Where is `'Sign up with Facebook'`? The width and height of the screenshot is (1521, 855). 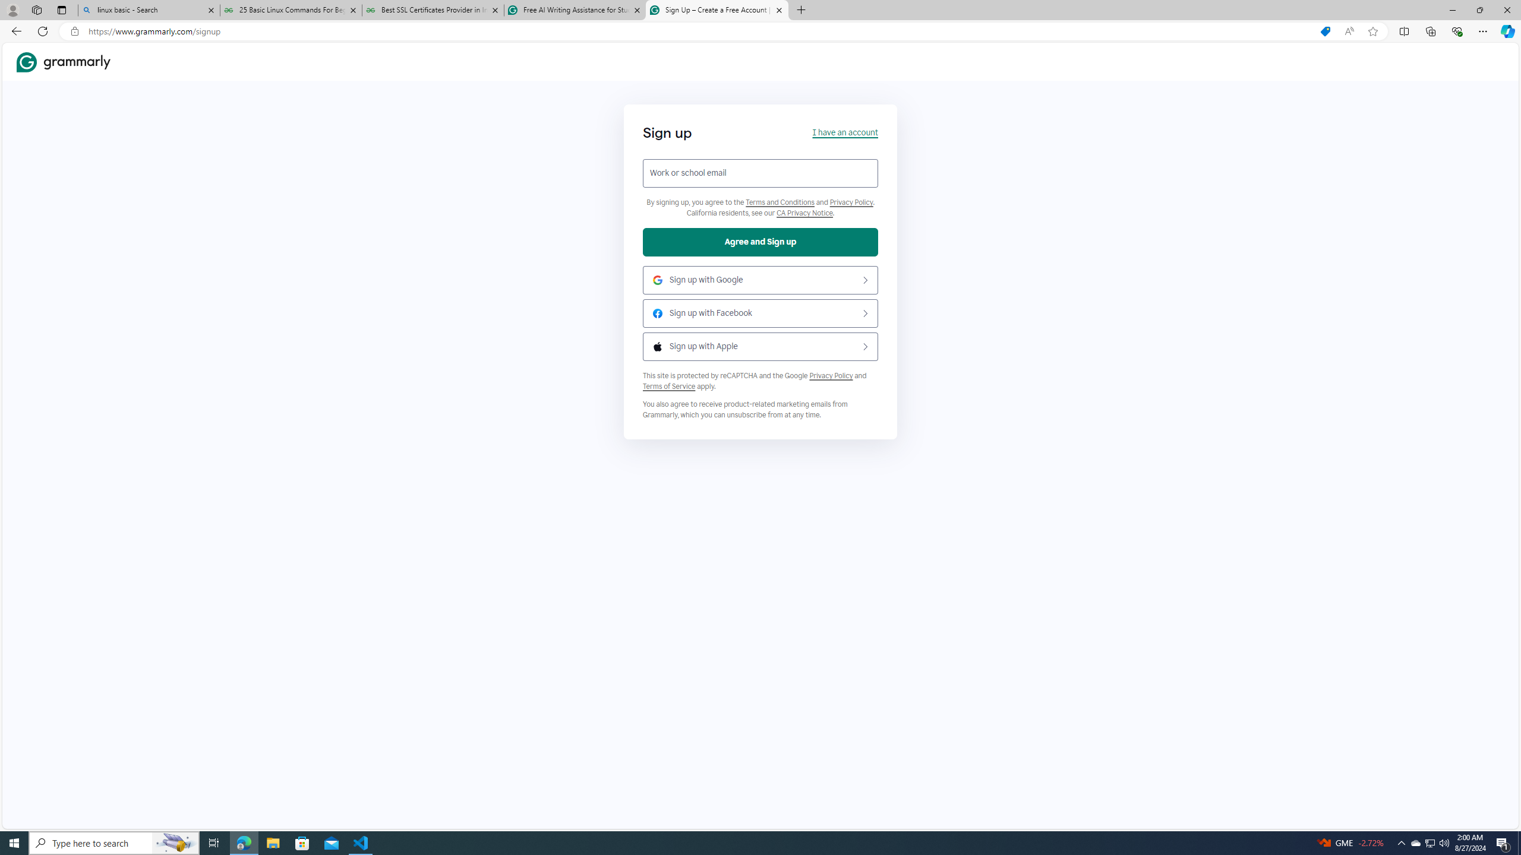 'Sign up with Facebook' is located at coordinates (760, 312).